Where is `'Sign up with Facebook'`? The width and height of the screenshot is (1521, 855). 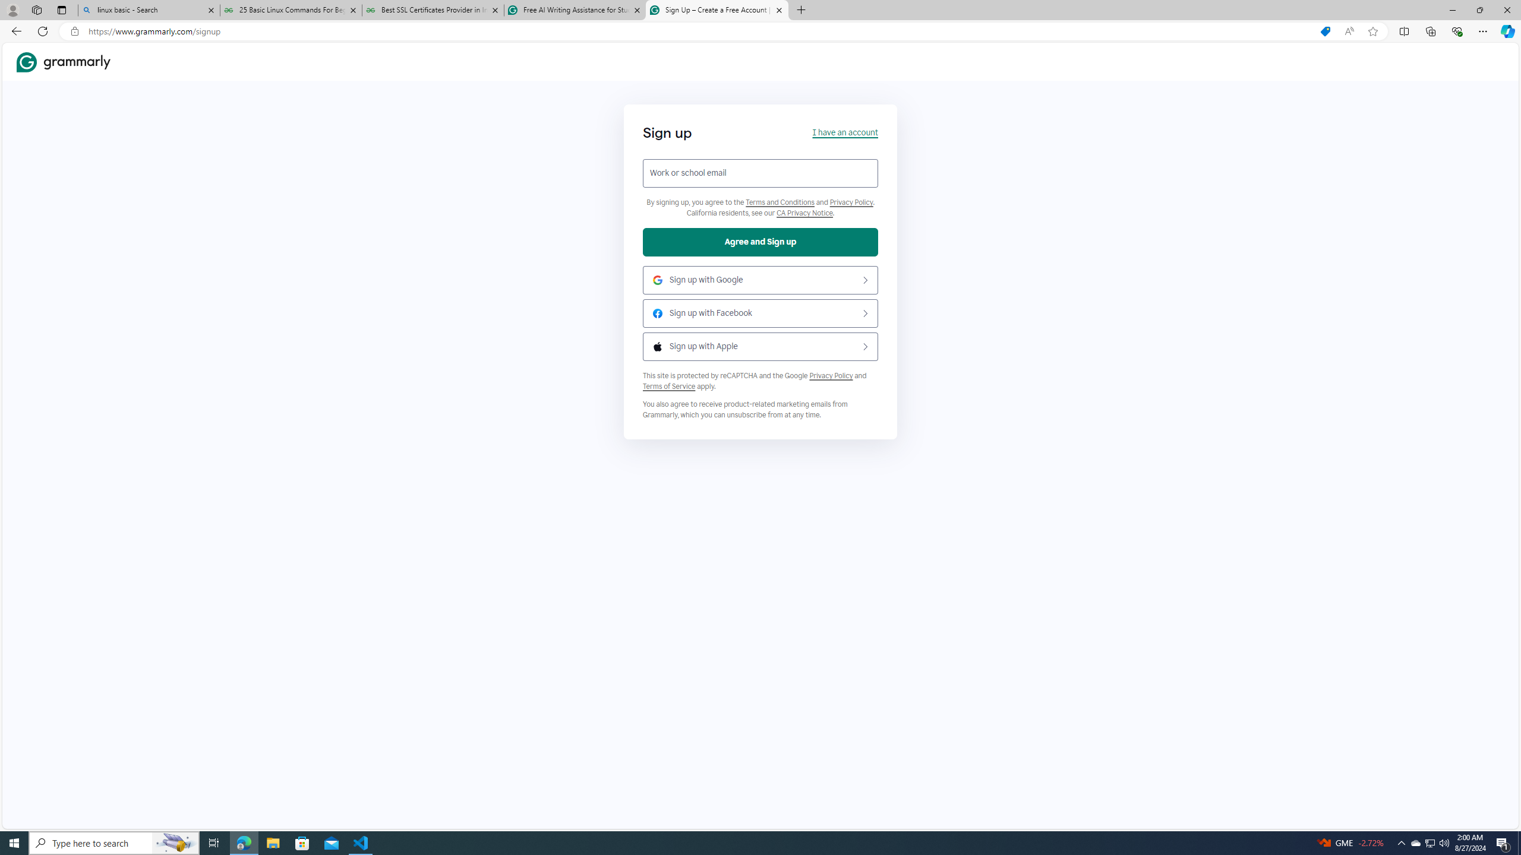 'Sign up with Facebook' is located at coordinates (760, 312).